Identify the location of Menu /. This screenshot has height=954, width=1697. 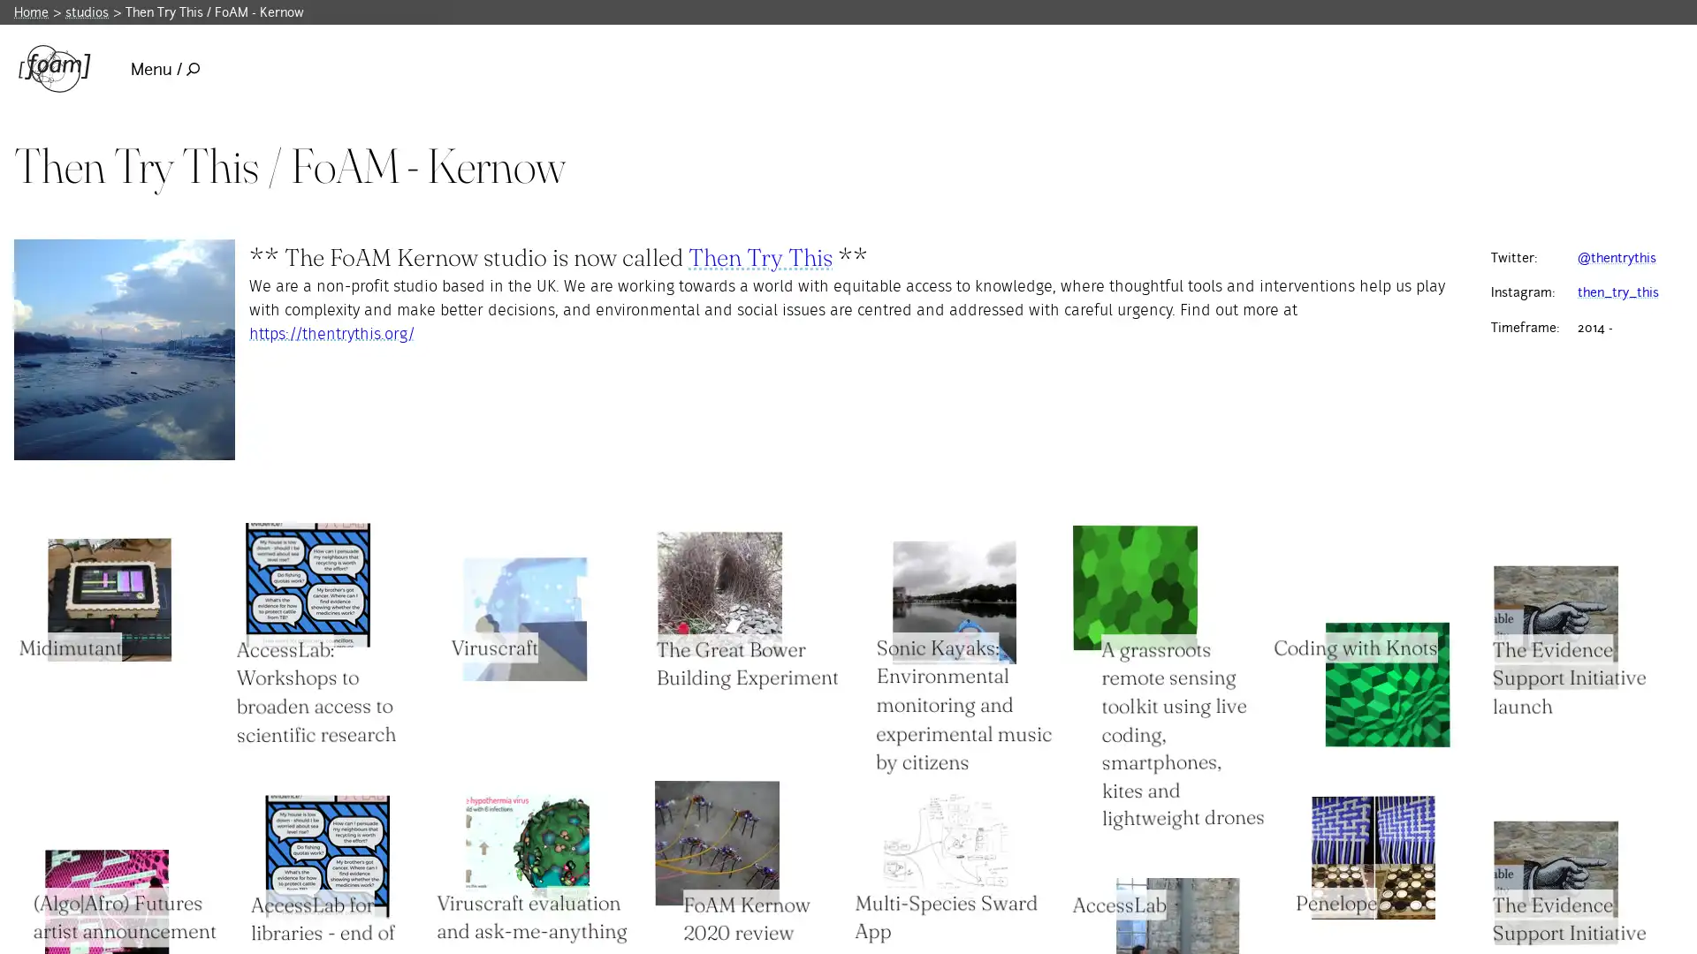
(164, 68).